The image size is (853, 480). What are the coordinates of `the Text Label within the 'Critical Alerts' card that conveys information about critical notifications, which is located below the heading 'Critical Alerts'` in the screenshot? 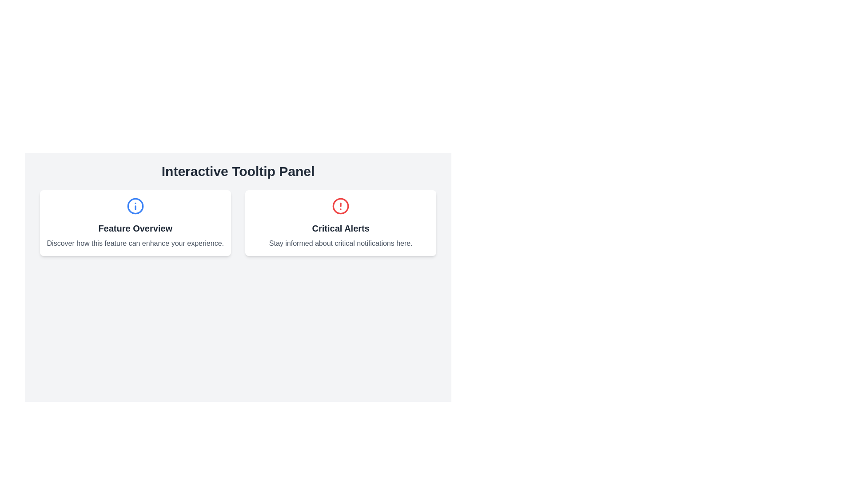 It's located at (340, 243).